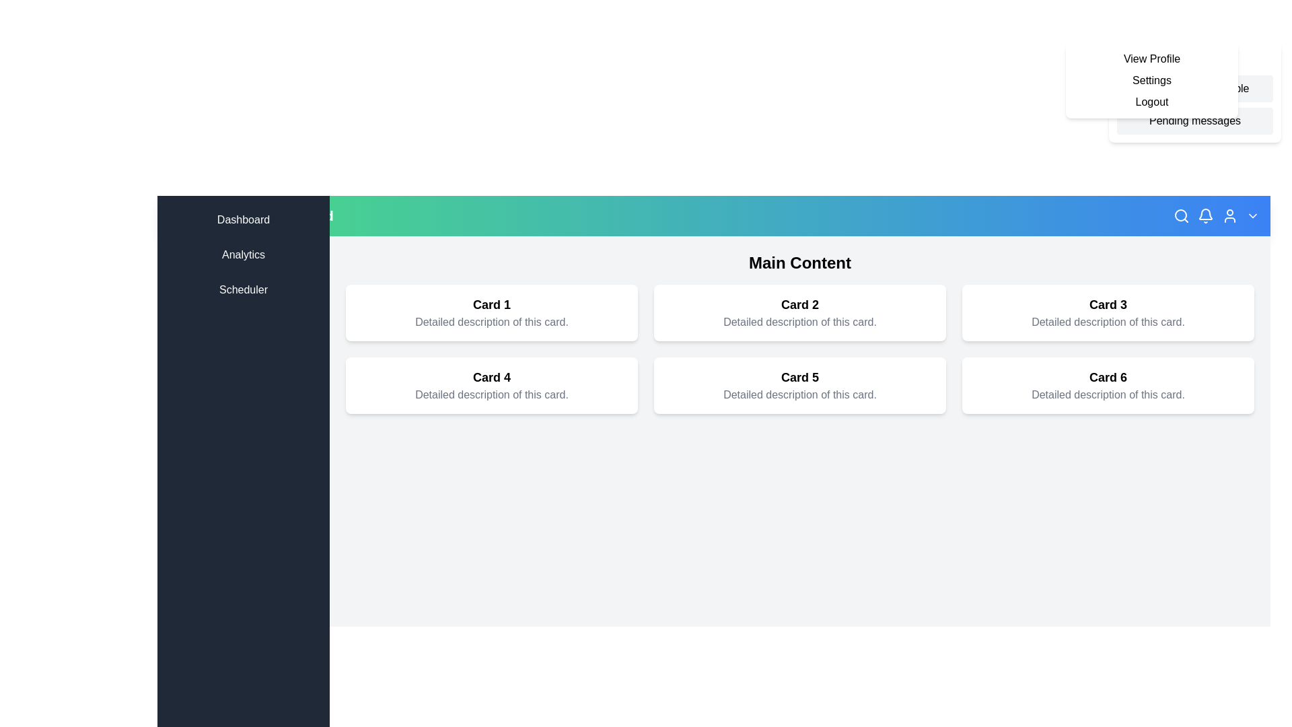 The width and height of the screenshot is (1292, 727). What do you see at coordinates (491, 377) in the screenshot?
I see `the bold text label displaying 'Card 4' located at the upper portion of the card in the second row, first column of the grid layout` at bounding box center [491, 377].